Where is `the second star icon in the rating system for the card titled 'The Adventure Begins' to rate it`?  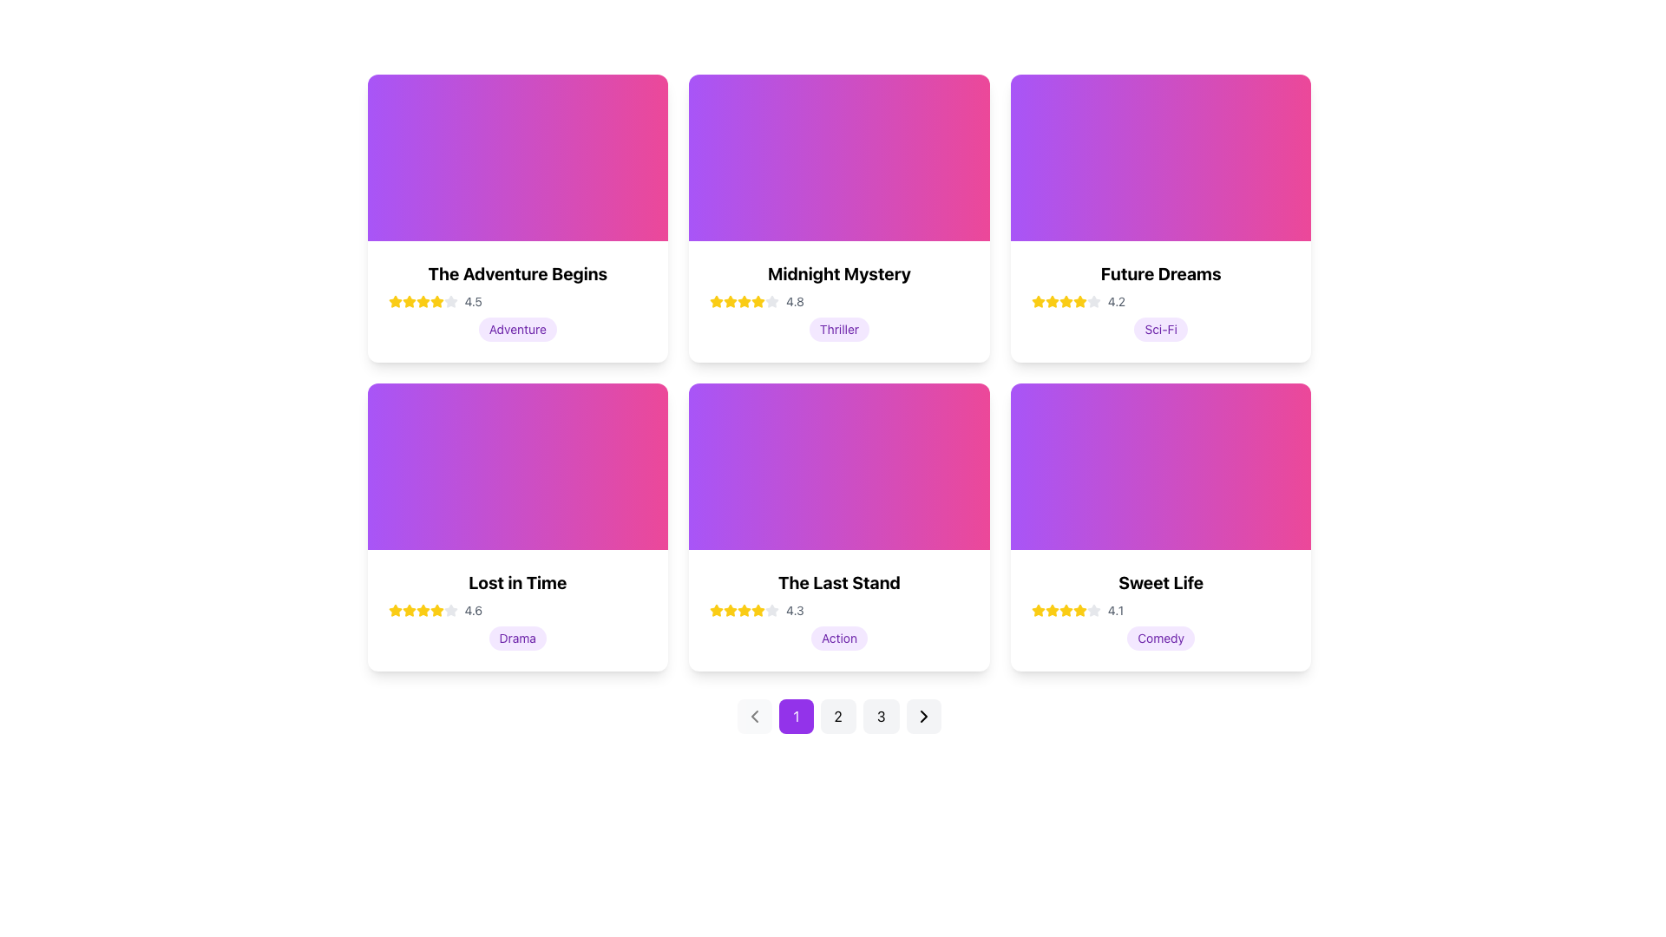 the second star icon in the rating system for the card titled 'The Adventure Begins' to rate it is located at coordinates (450, 300).